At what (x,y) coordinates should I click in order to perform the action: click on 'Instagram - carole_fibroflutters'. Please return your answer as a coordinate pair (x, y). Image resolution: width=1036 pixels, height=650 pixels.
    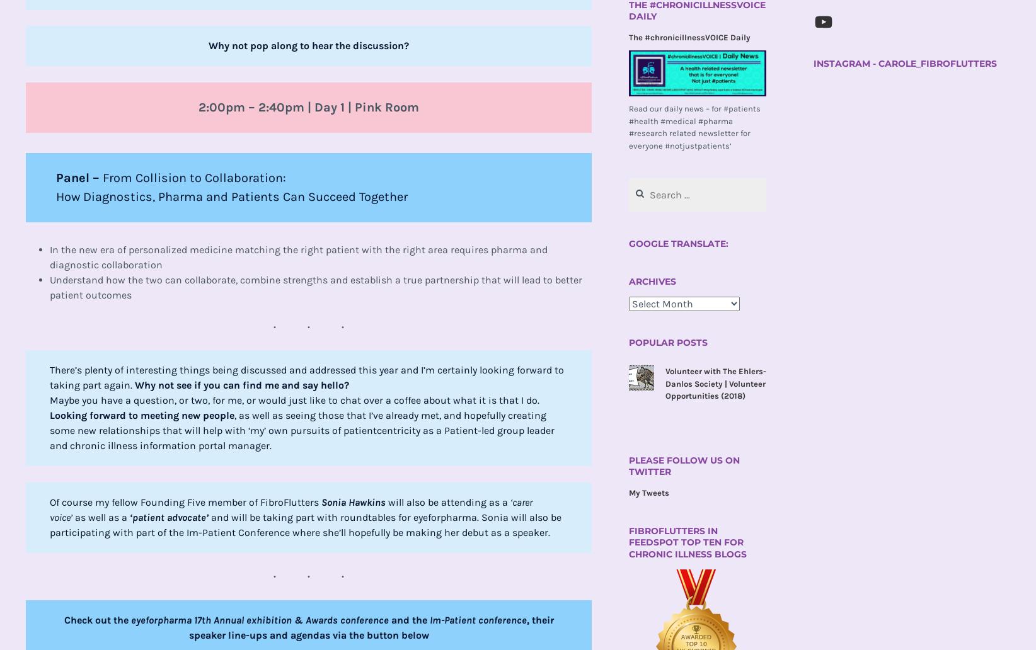
    Looking at the image, I should click on (813, 64).